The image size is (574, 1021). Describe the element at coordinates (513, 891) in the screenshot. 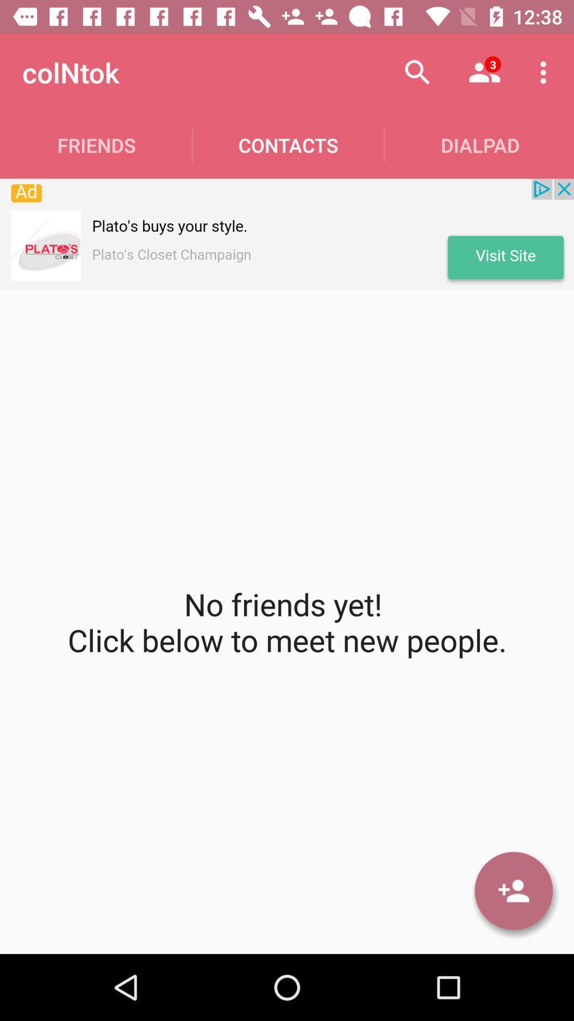

I see `the follow icon` at that location.